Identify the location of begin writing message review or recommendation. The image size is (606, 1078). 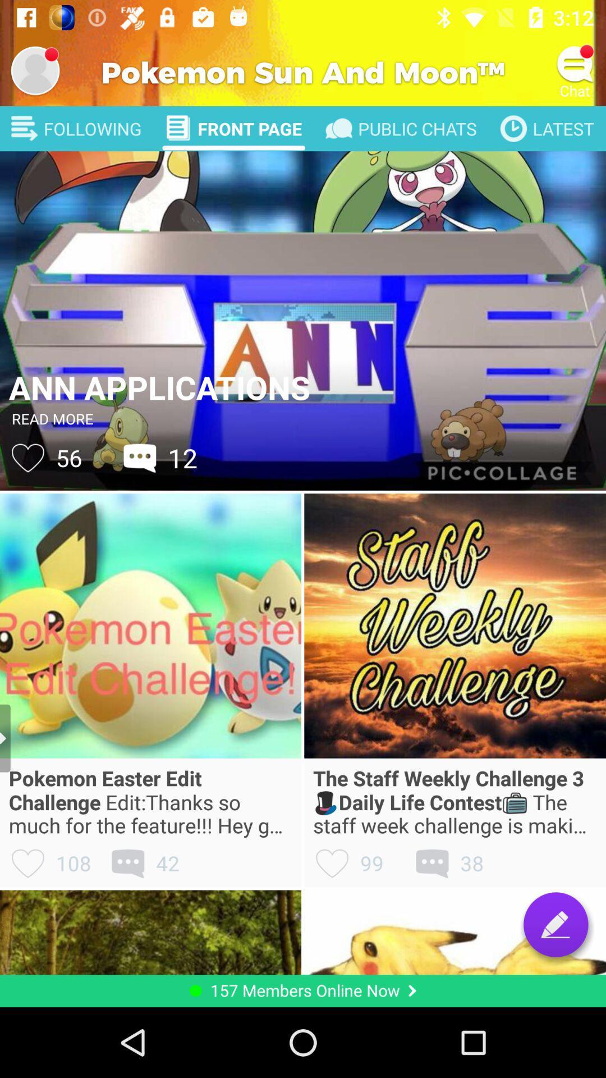
(555, 924).